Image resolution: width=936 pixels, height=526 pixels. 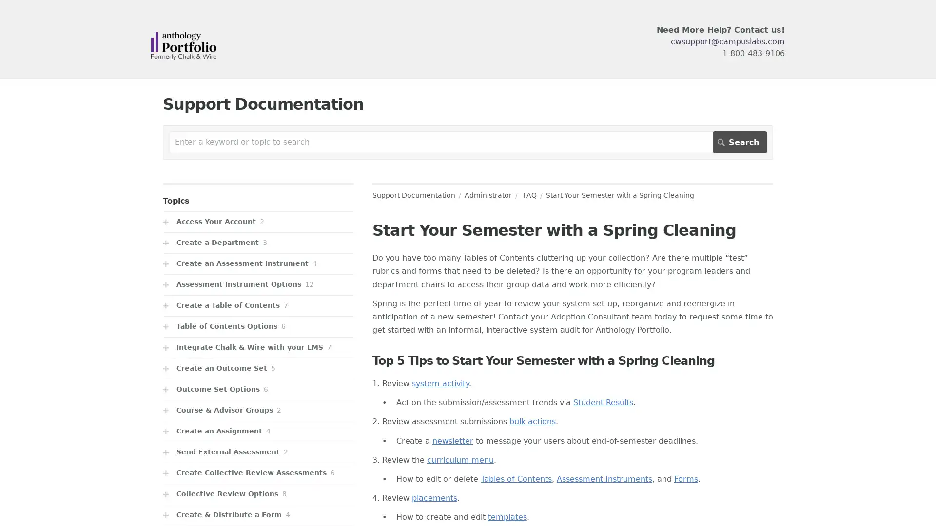 What do you see at coordinates (740, 142) in the screenshot?
I see `Search` at bounding box center [740, 142].